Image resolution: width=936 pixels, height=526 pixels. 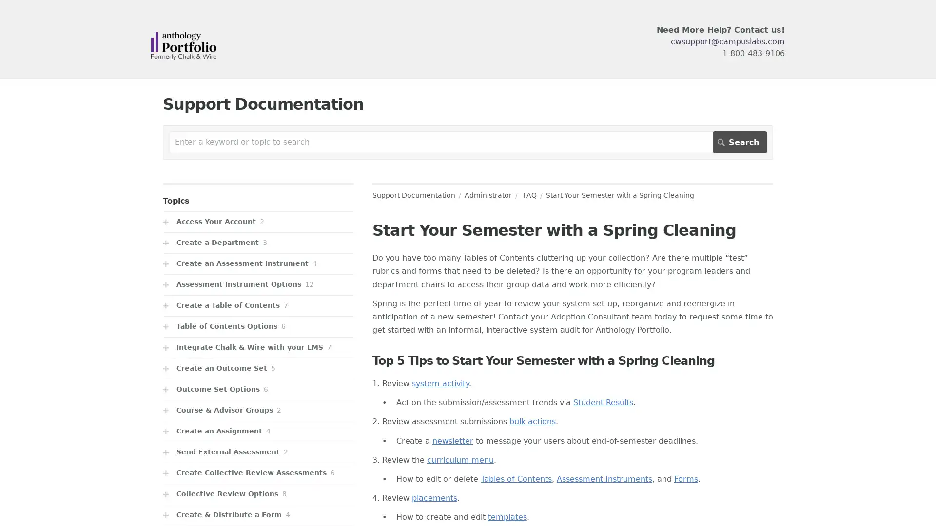 What do you see at coordinates (740, 142) in the screenshot?
I see `Search` at bounding box center [740, 142].